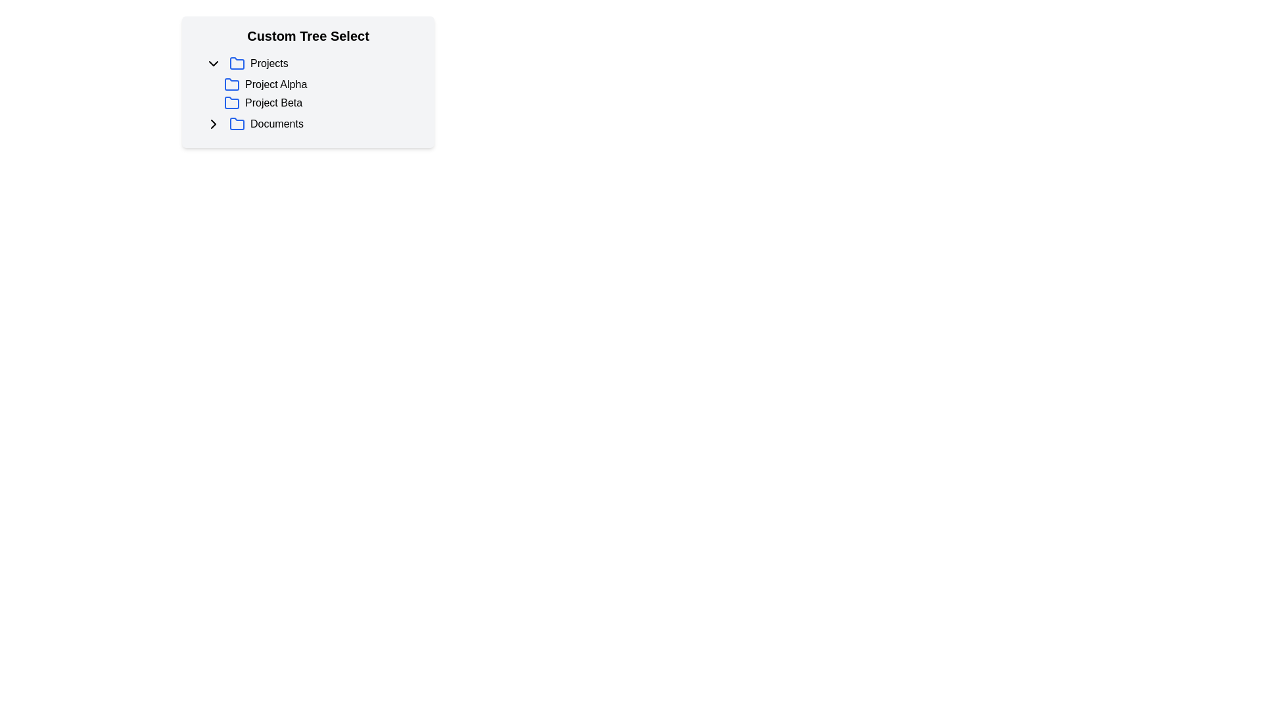 Image resolution: width=1262 pixels, height=710 pixels. What do you see at coordinates (237, 124) in the screenshot?
I see `the decorative icon representing the 'Documents' folder, which is positioned to the left of the text 'Documents'` at bounding box center [237, 124].